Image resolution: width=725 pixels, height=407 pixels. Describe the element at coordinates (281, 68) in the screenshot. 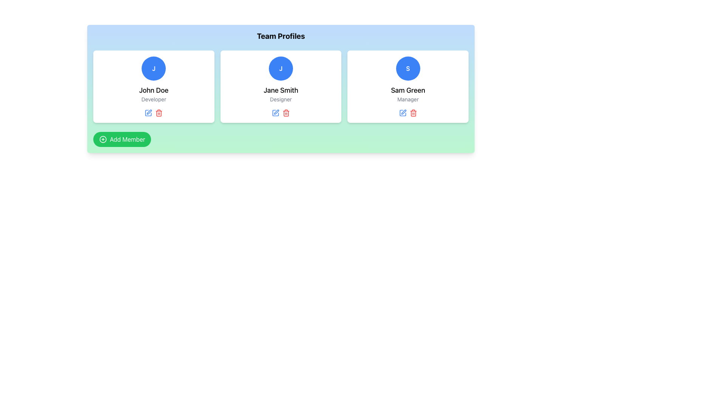

I see `the avatar representing 'Jane Smith', which is located in the upper section of the profile card` at that location.